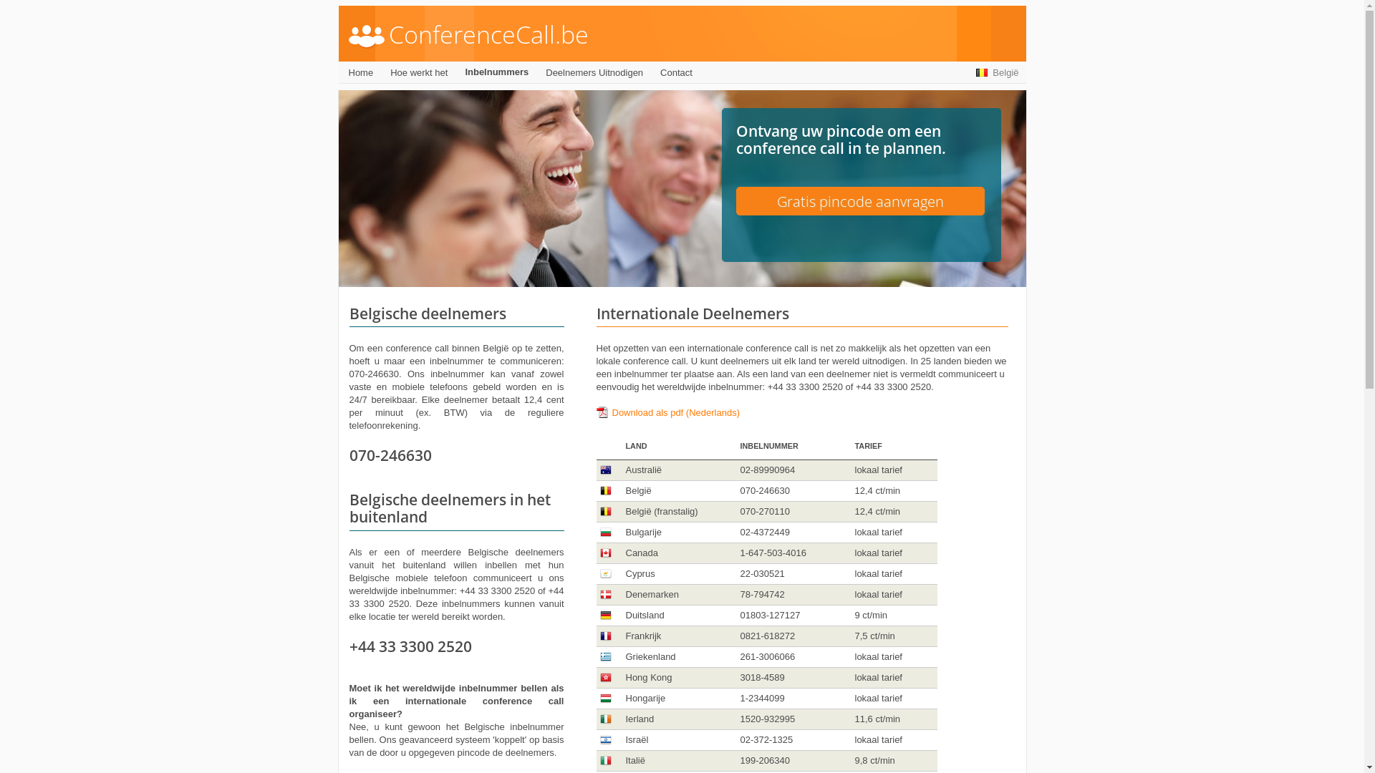 This screenshot has height=773, width=1375. I want to click on 'Gratis pincode aanvragen', so click(859, 201).